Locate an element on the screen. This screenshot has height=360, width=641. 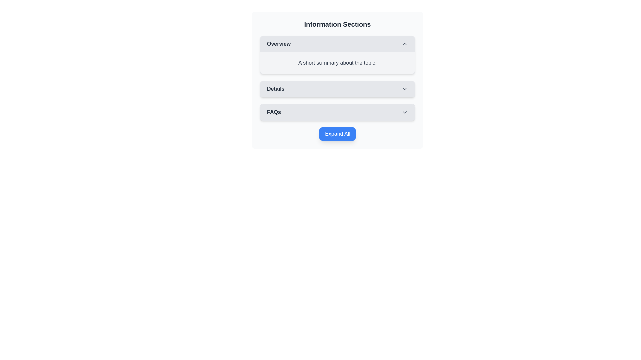
the toggle button in the top-right corner of the 'FAQs' section is located at coordinates (404, 112).